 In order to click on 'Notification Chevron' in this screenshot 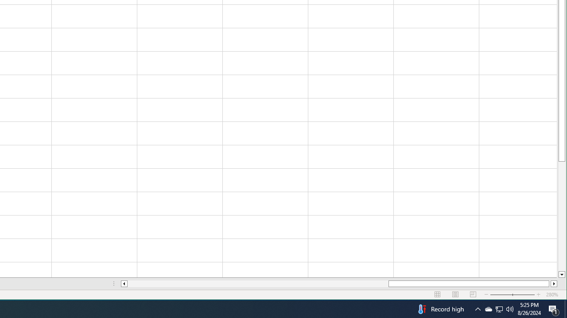, I will do `click(478, 308)`.